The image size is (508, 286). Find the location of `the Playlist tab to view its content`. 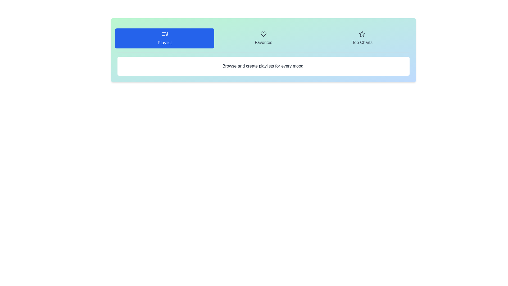

the Playlist tab to view its content is located at coordinates (164, 38).